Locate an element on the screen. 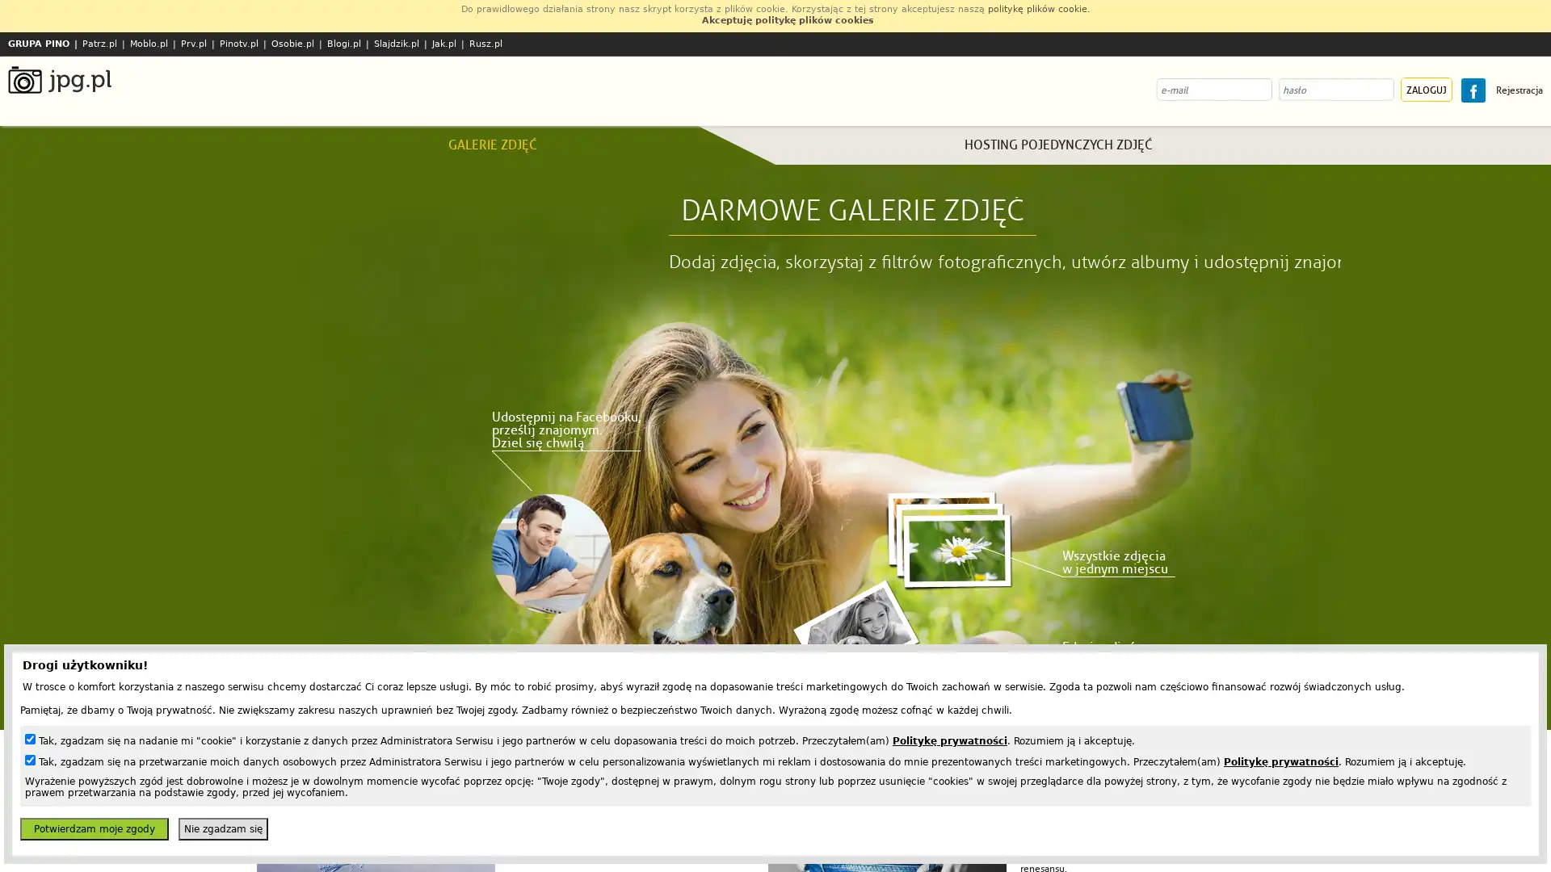 This screenshot has height=872, width=1551. Potwierdzam moje zgody is located at coordinates (93, 828).